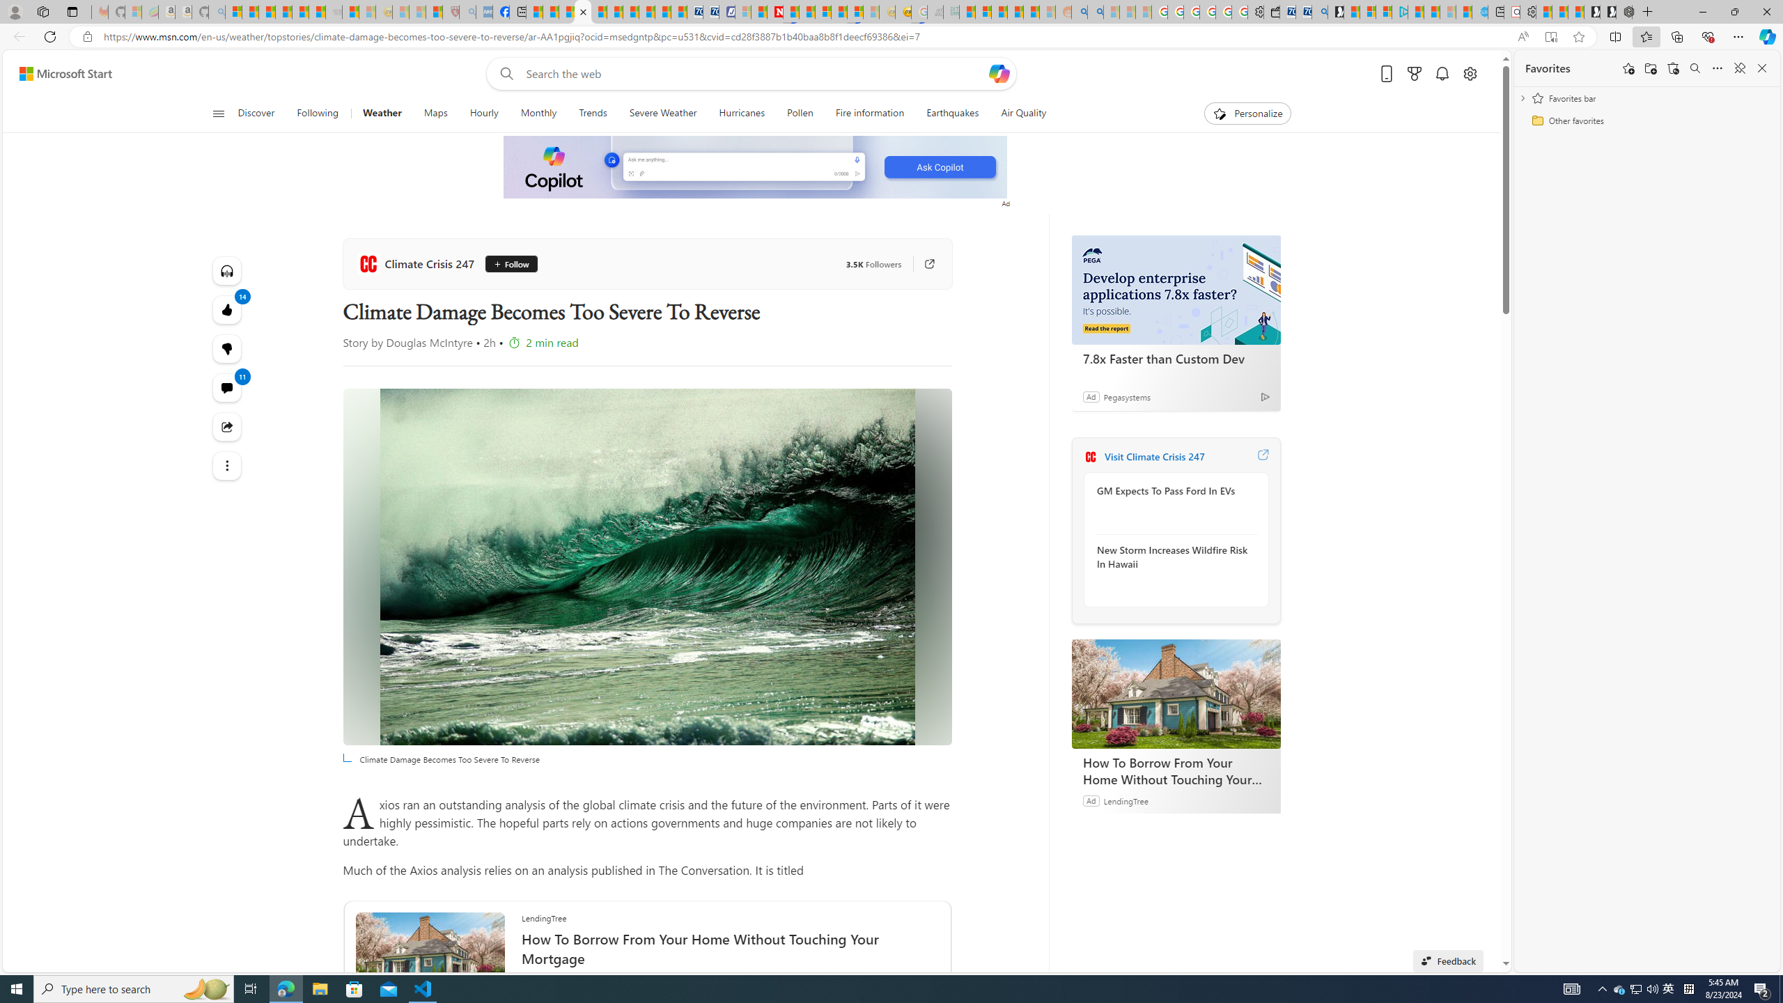 The width and height of the screenshot is (1783, 1003). Describe the element at coordinates (951, 113) in the screenshot. I see `'Earthquakes'` at that location.